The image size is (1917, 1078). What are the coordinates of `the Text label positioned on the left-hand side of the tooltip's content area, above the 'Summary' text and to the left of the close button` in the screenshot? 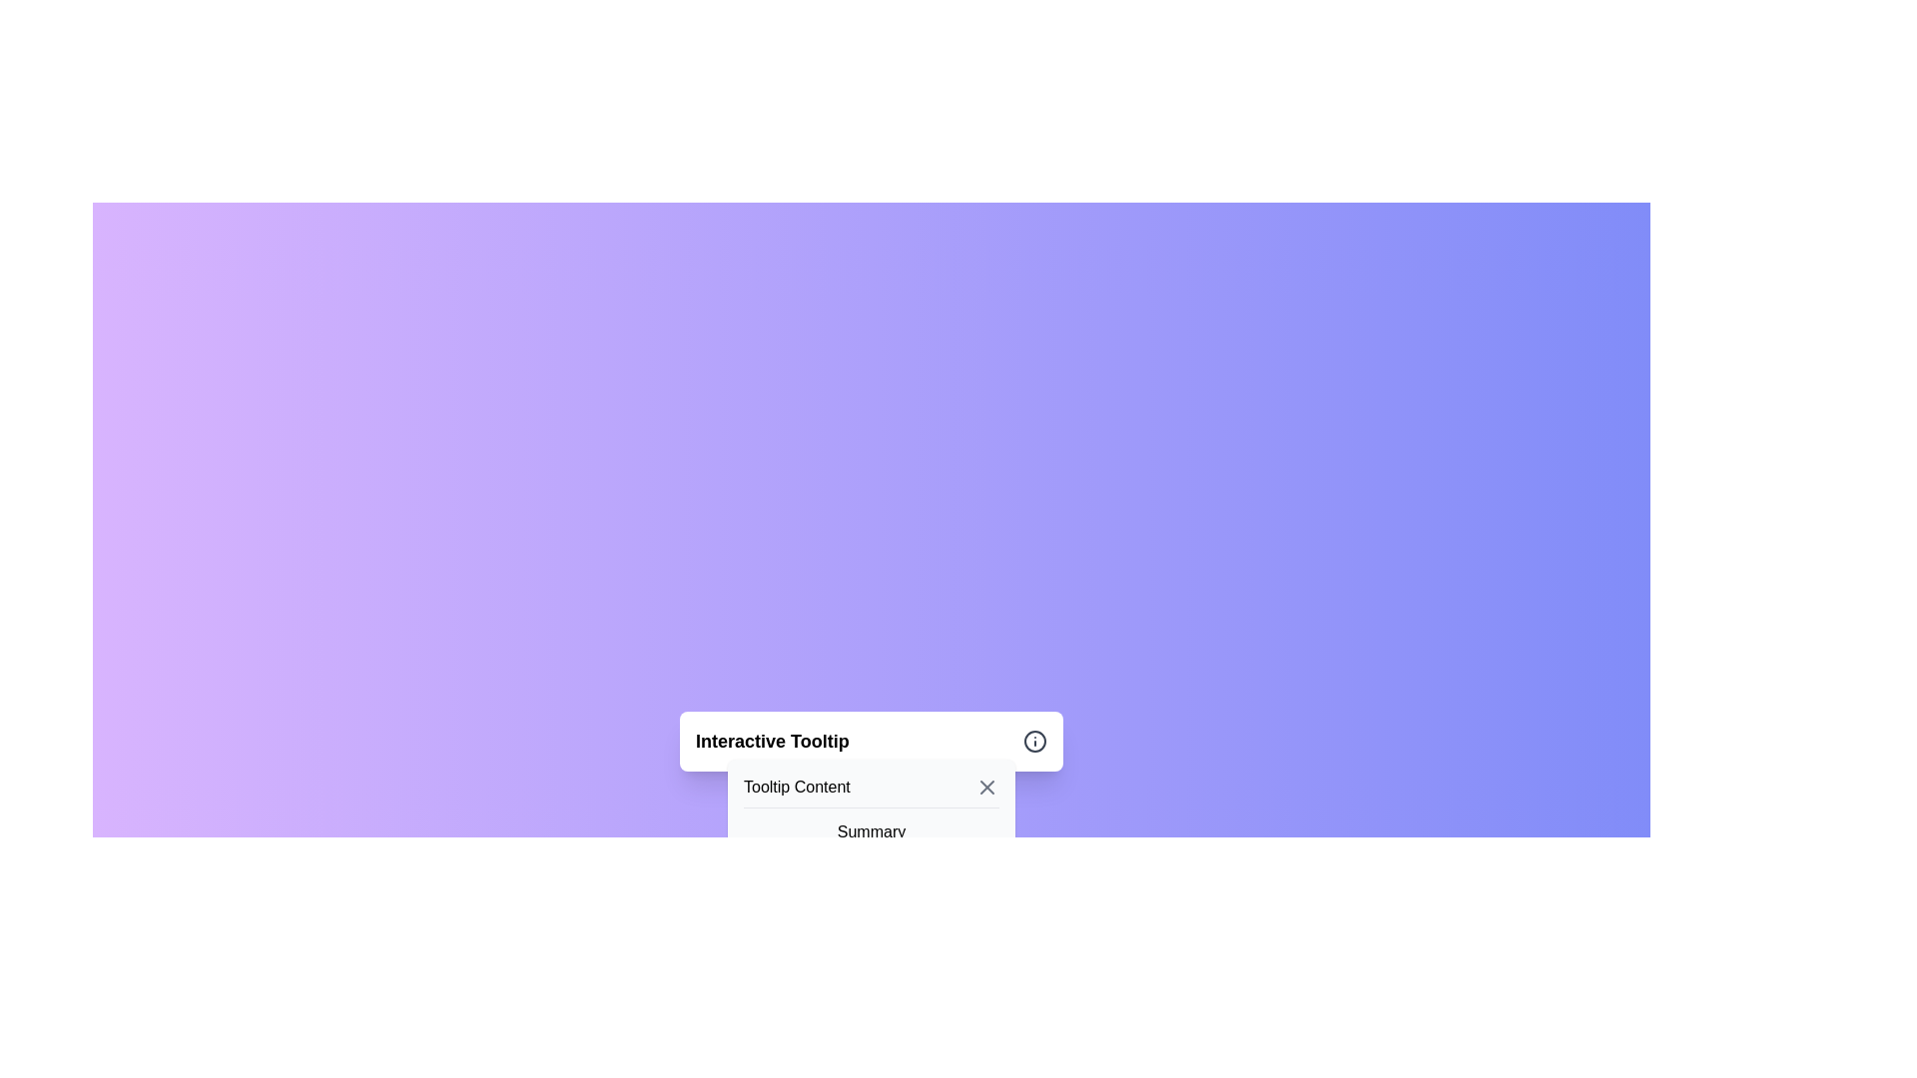 It's located at (796, 787).